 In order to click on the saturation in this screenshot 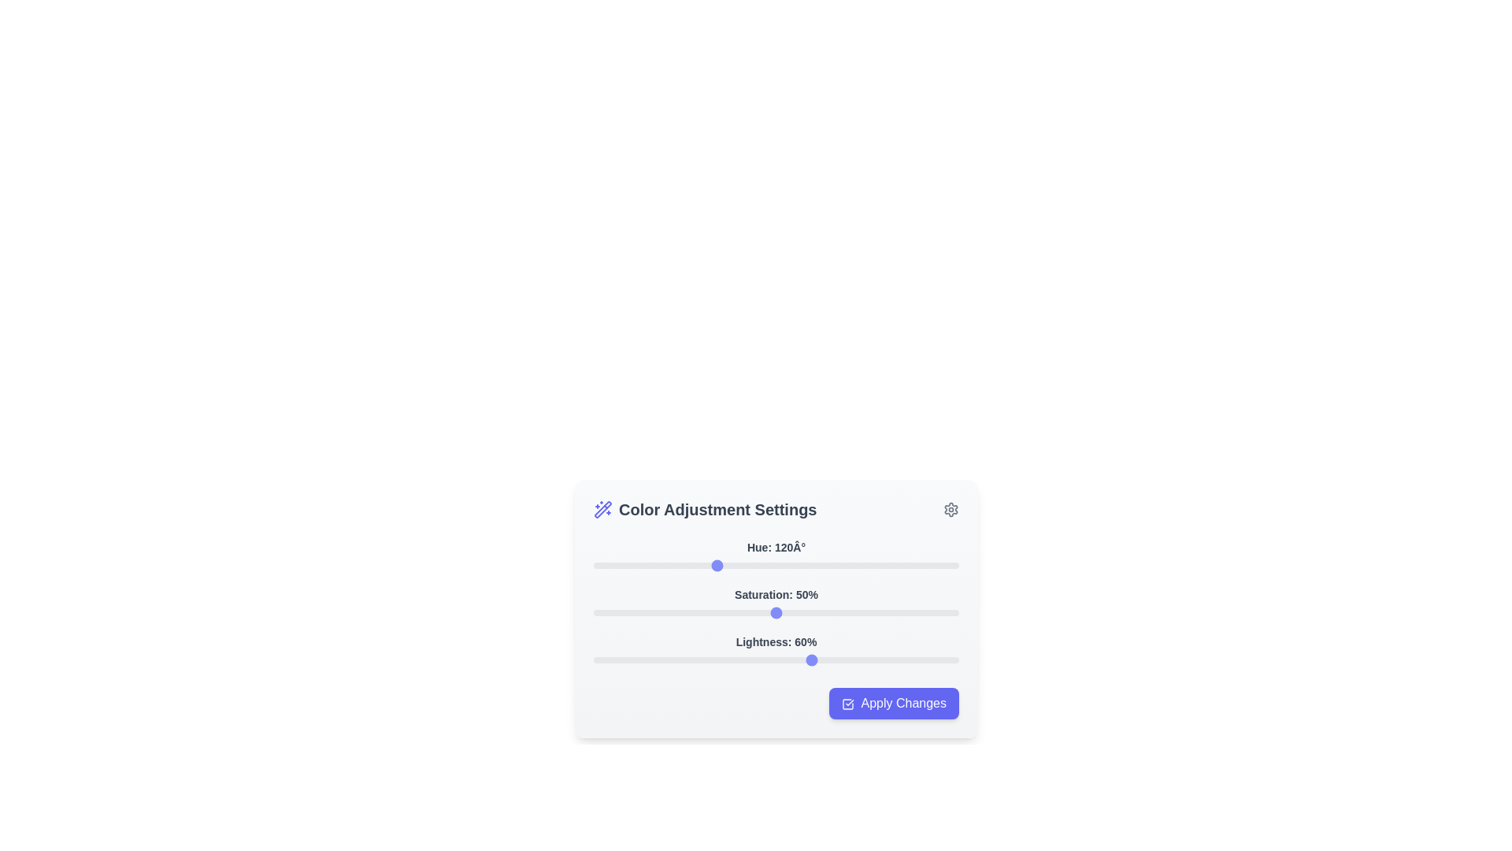, I will do `click(819, 612)`.